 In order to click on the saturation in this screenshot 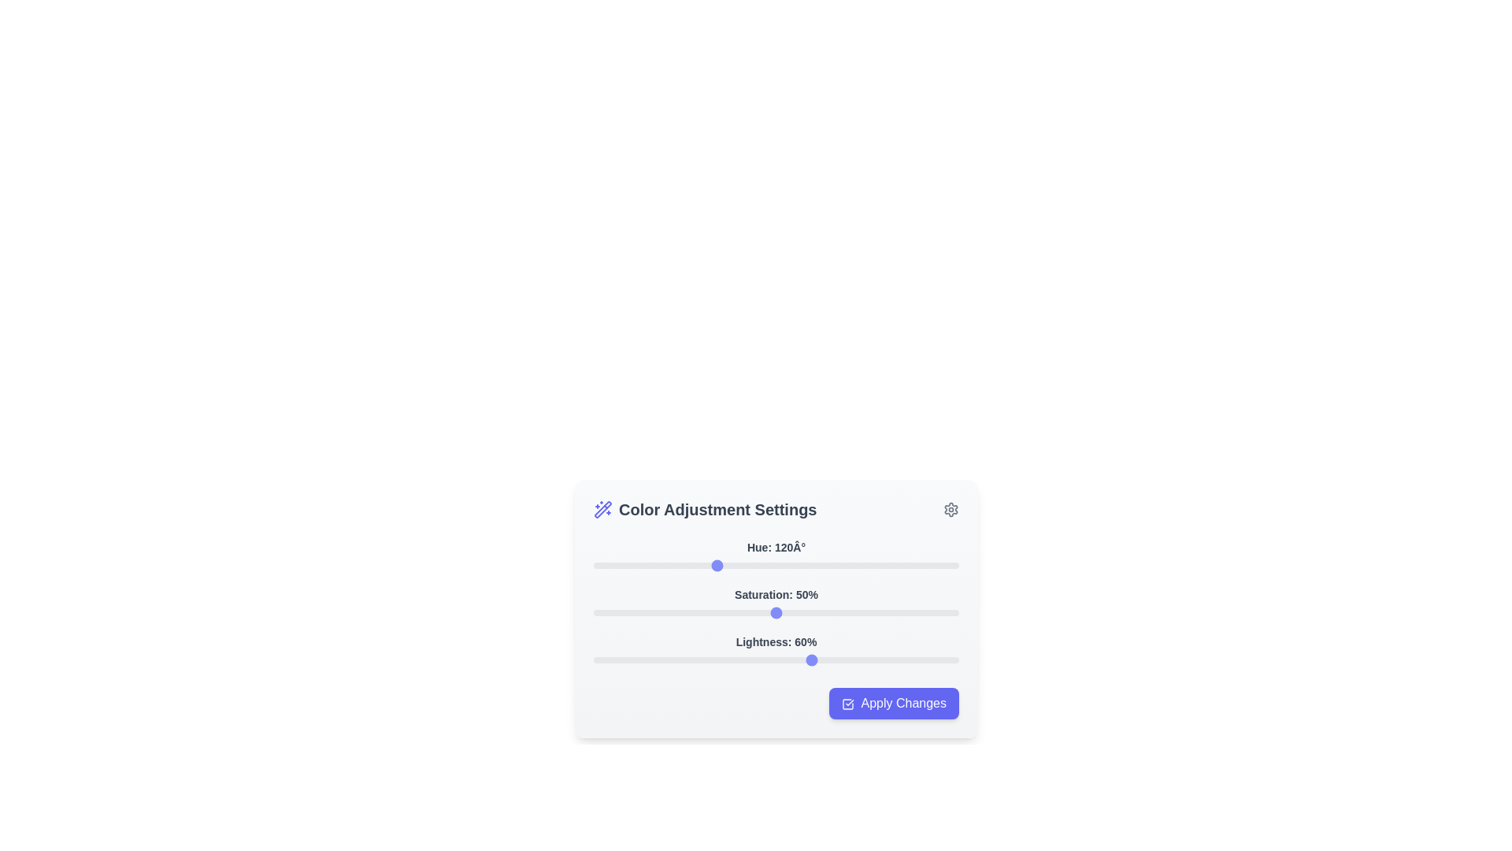, I will do `click(819, 612)`.